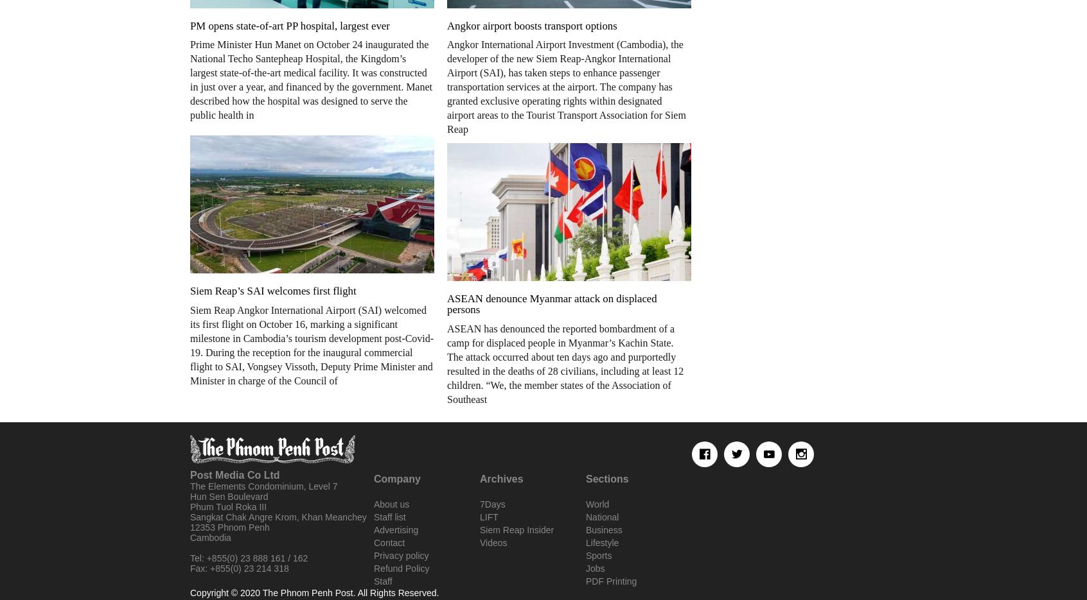 The height and width of the screenshot is (600, 1087). I want to click on 'Siem Reap Insider', so click(517, 529).